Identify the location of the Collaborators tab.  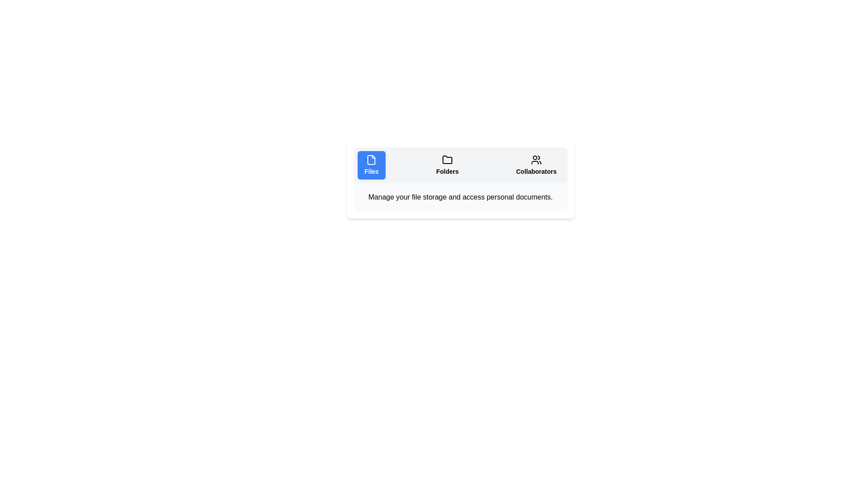
(536, 165).